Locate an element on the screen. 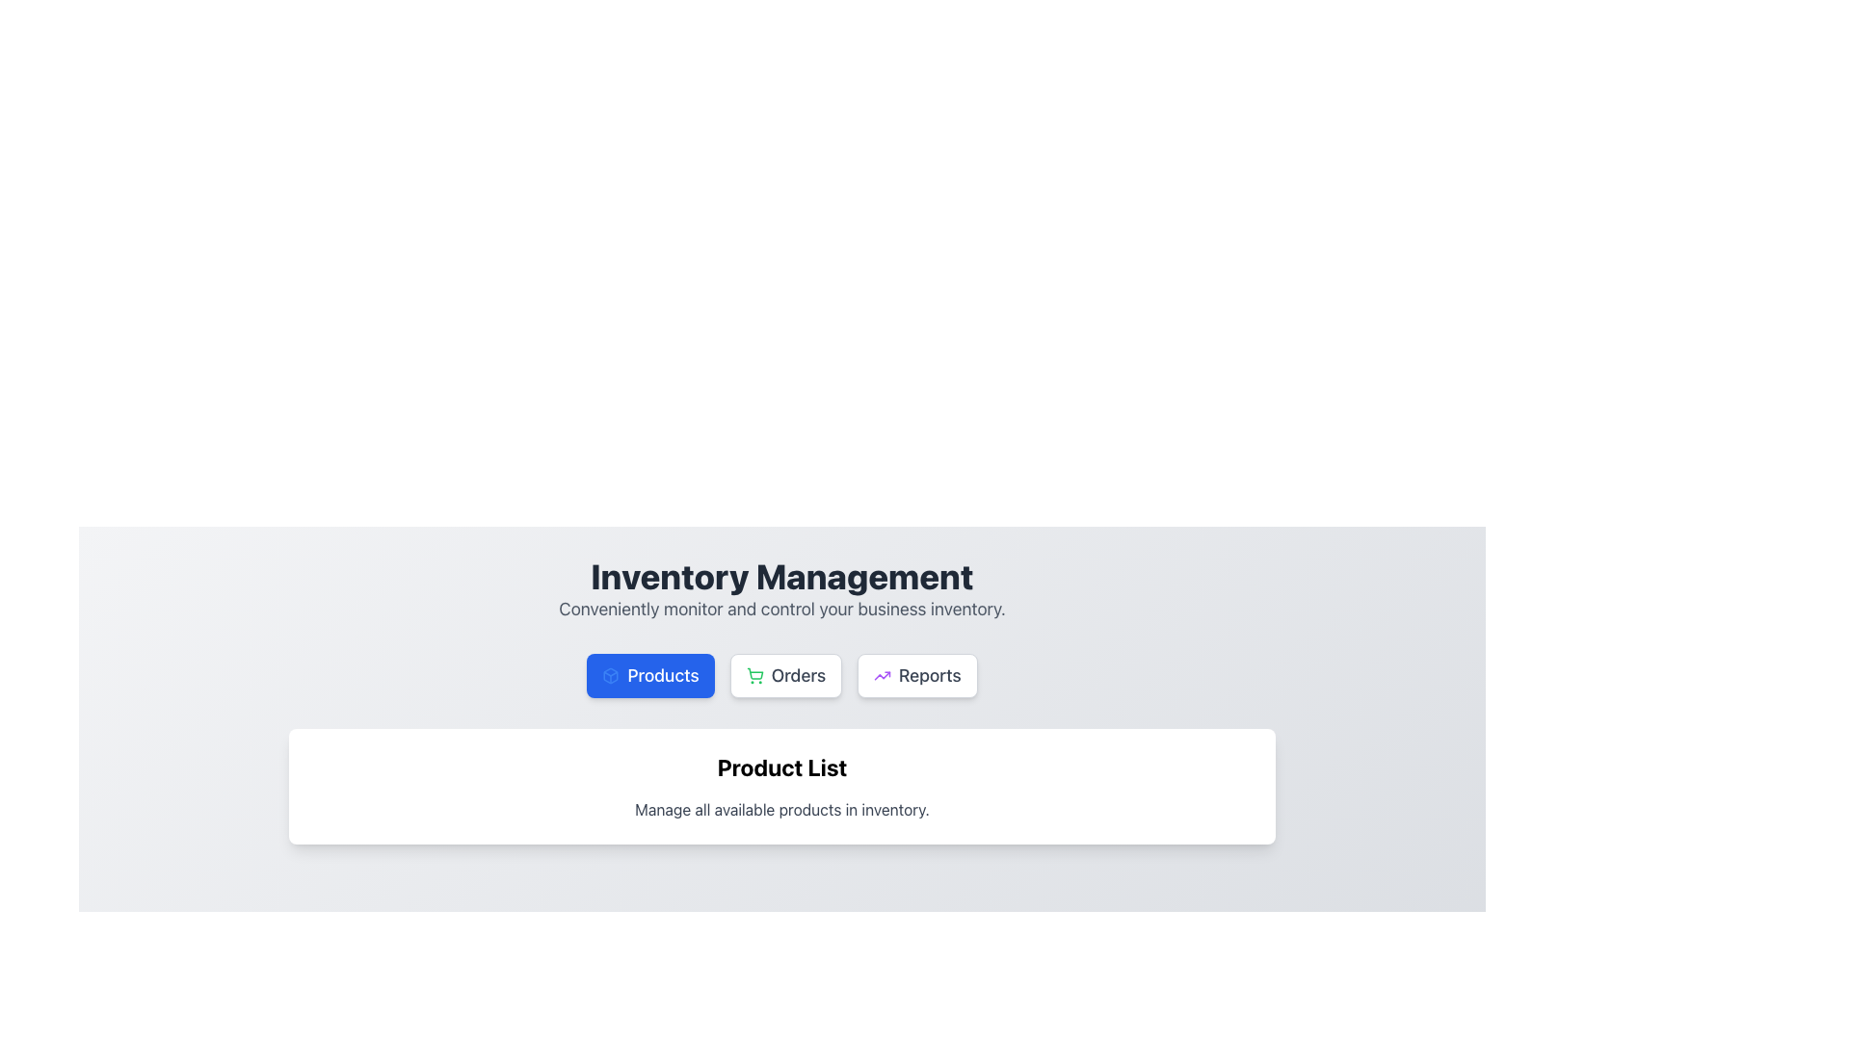  the Text Block containing the heading 'Inventory Management' and description 'Conveniently monitor and control your business inventory.' which is located at the top of the section above the buttons labeled 'Products', 'Orders', and 'Reports' is located at coordinates (781, 589).